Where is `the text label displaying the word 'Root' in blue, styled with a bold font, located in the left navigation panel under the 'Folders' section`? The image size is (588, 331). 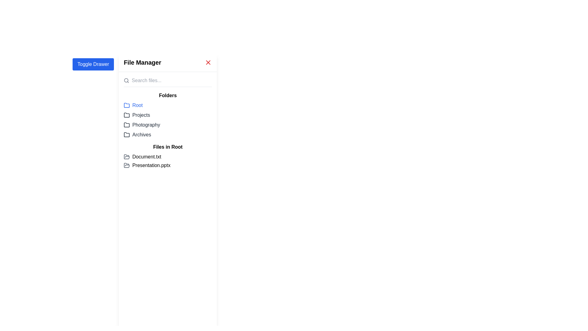
the text label displaying the word 'Root' in blue, styled with a bold font, located in the left navigation panel under the 'Folders' section is located at coordinates (137, 105).